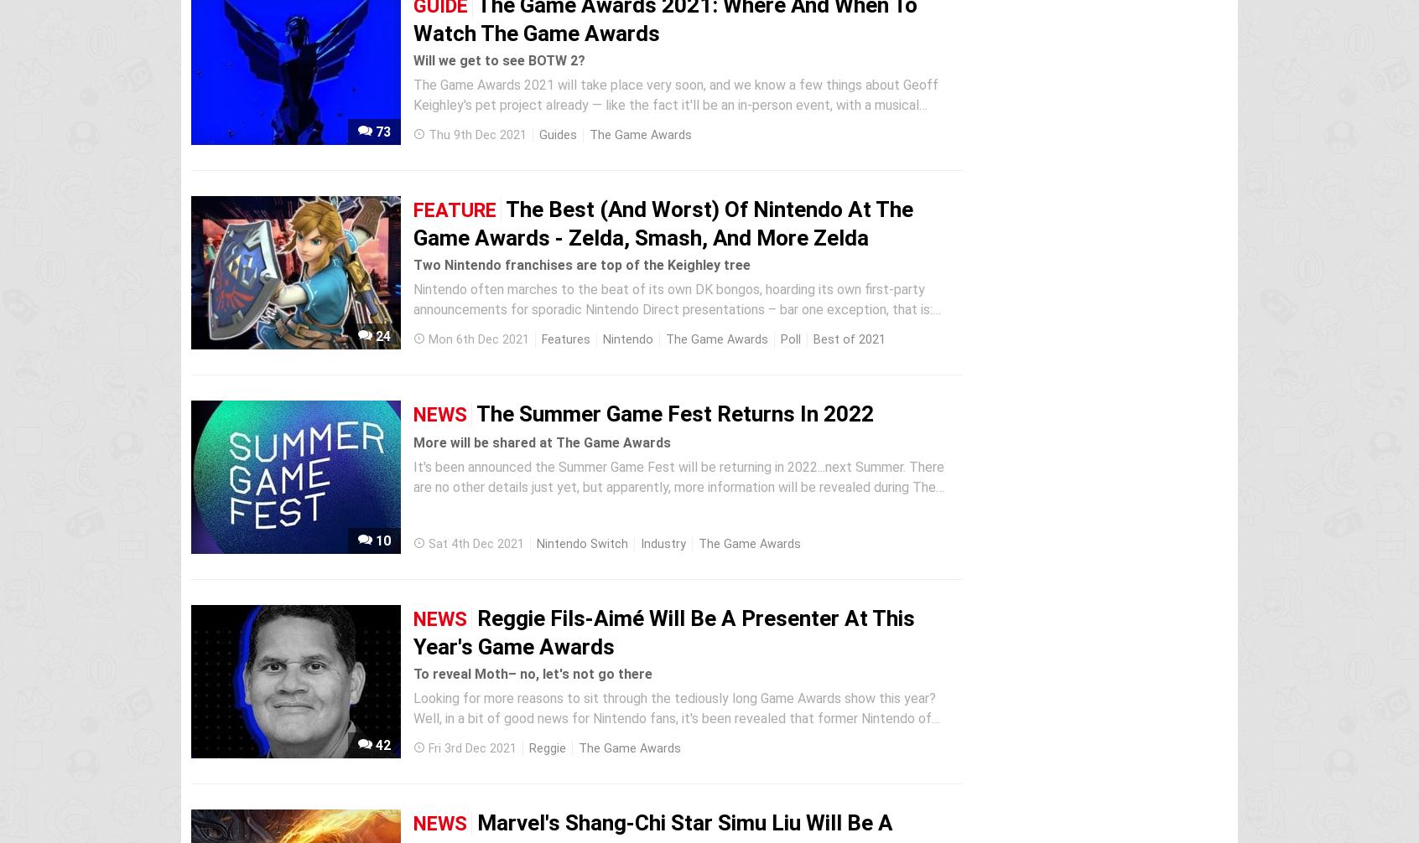  What do you see at coordinates (849, 339) in the screenshot?
I see `'Best of 2021'` at bounding box center [849, 339].